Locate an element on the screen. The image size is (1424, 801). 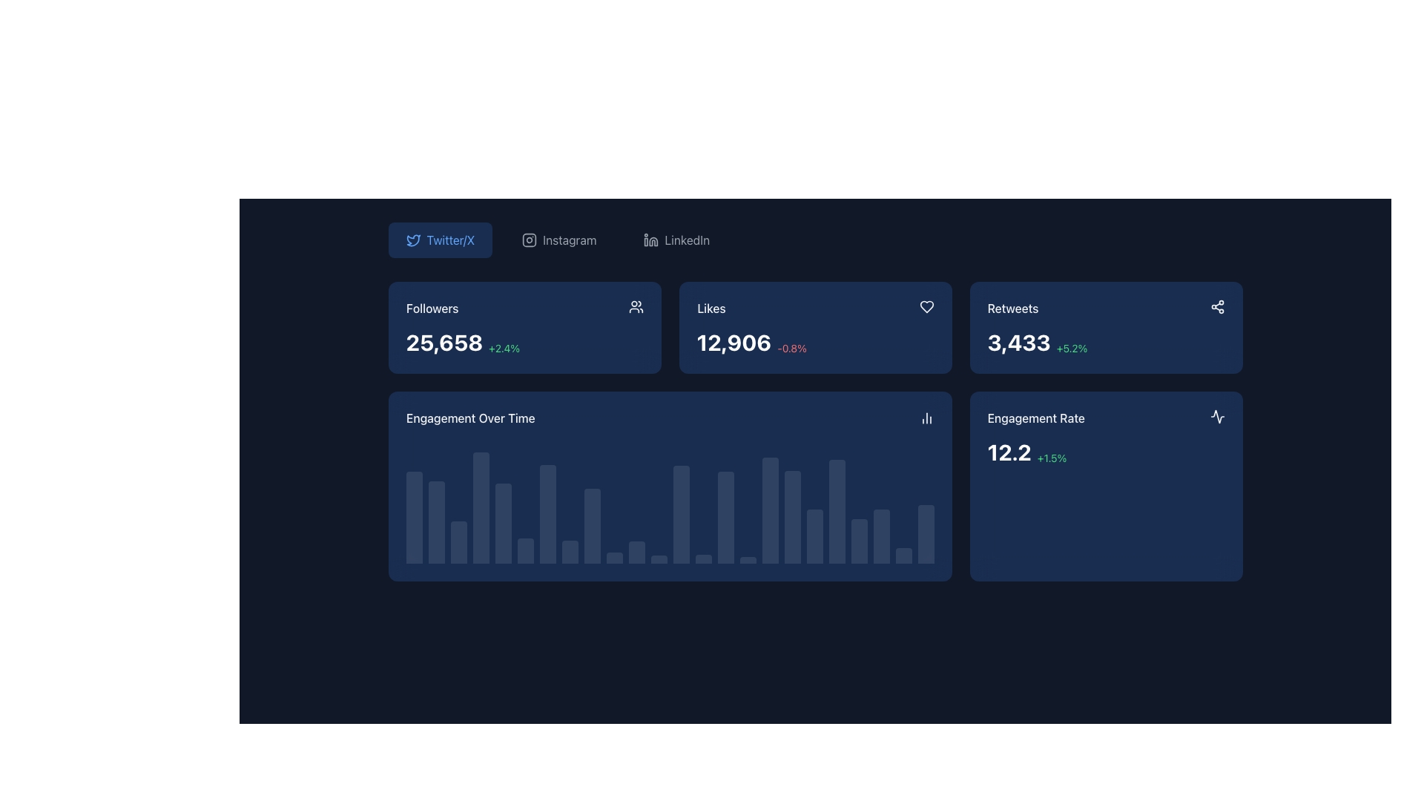
the activity engagement metrics icon located in the top-right corner of the 'Engagement Rate' section is located at coordinates (1217, 417).